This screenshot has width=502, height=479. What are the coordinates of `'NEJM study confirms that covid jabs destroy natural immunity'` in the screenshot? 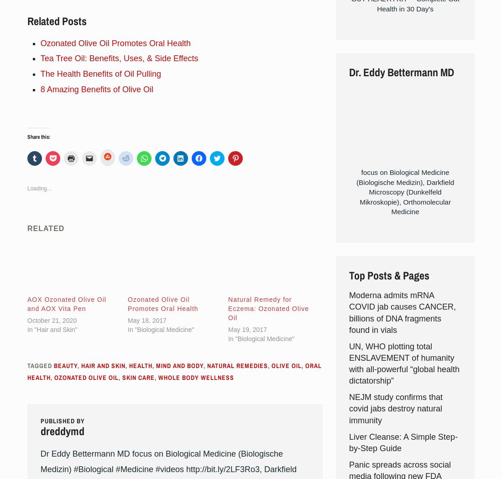 It's located at (349, 408).